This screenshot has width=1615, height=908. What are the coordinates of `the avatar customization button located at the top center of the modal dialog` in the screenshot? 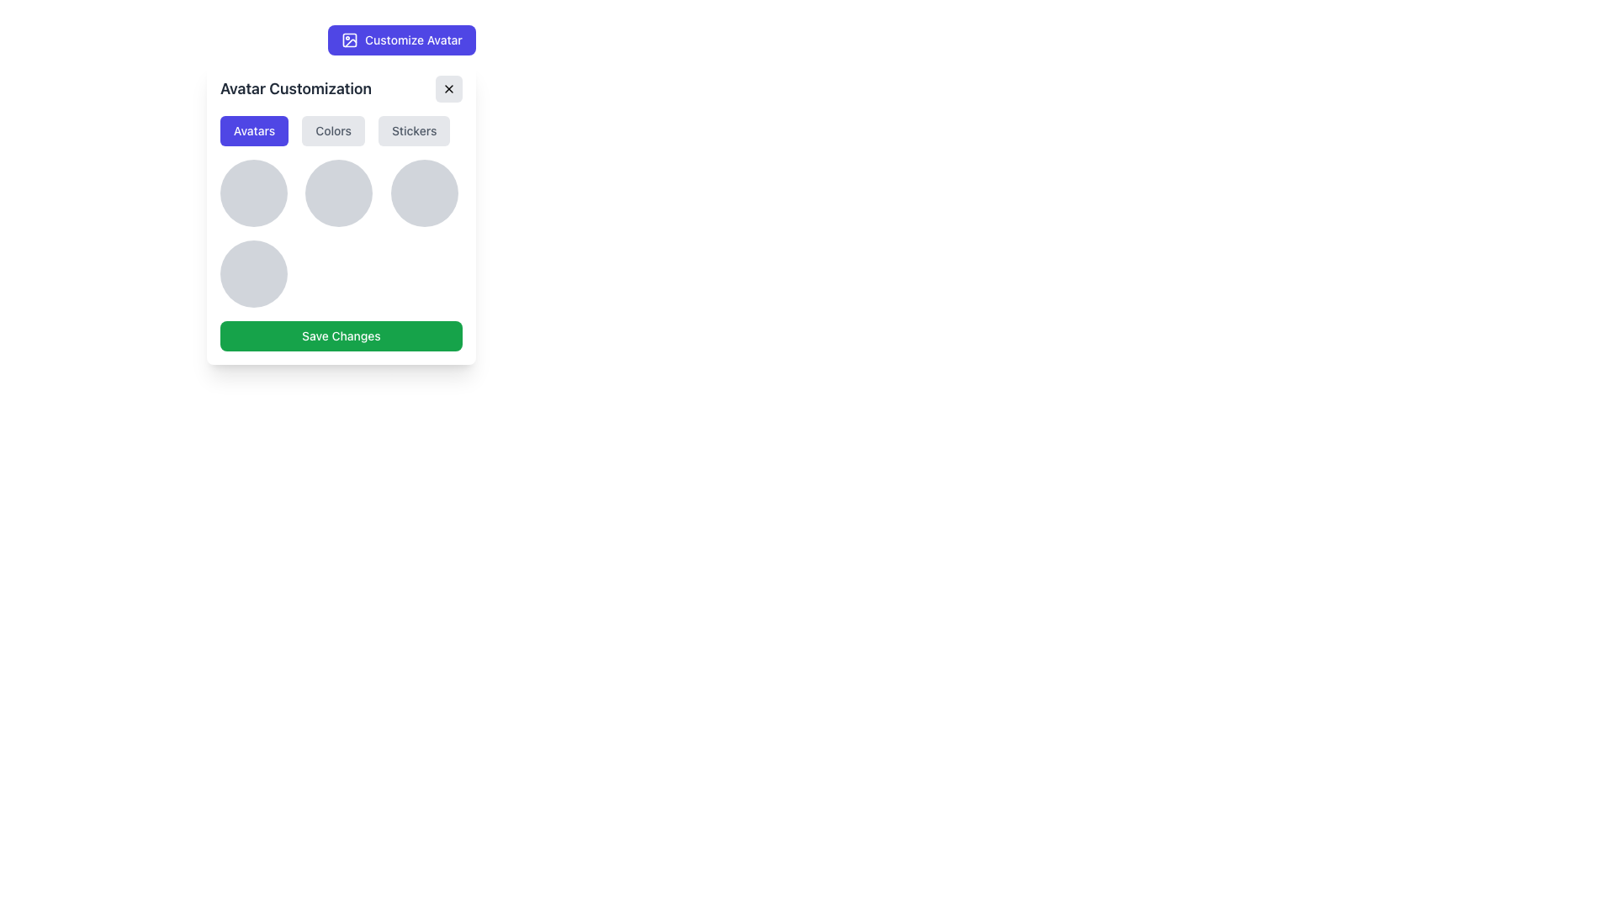 It's located at (401, 39).